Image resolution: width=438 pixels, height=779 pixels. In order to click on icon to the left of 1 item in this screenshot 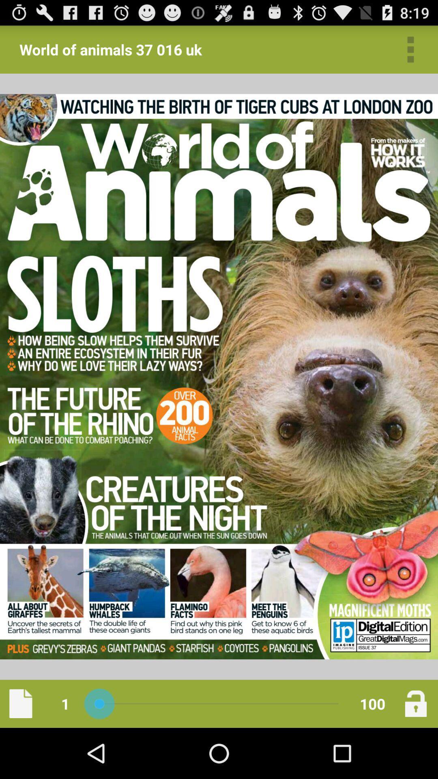, I will do `click(20, 703)`.